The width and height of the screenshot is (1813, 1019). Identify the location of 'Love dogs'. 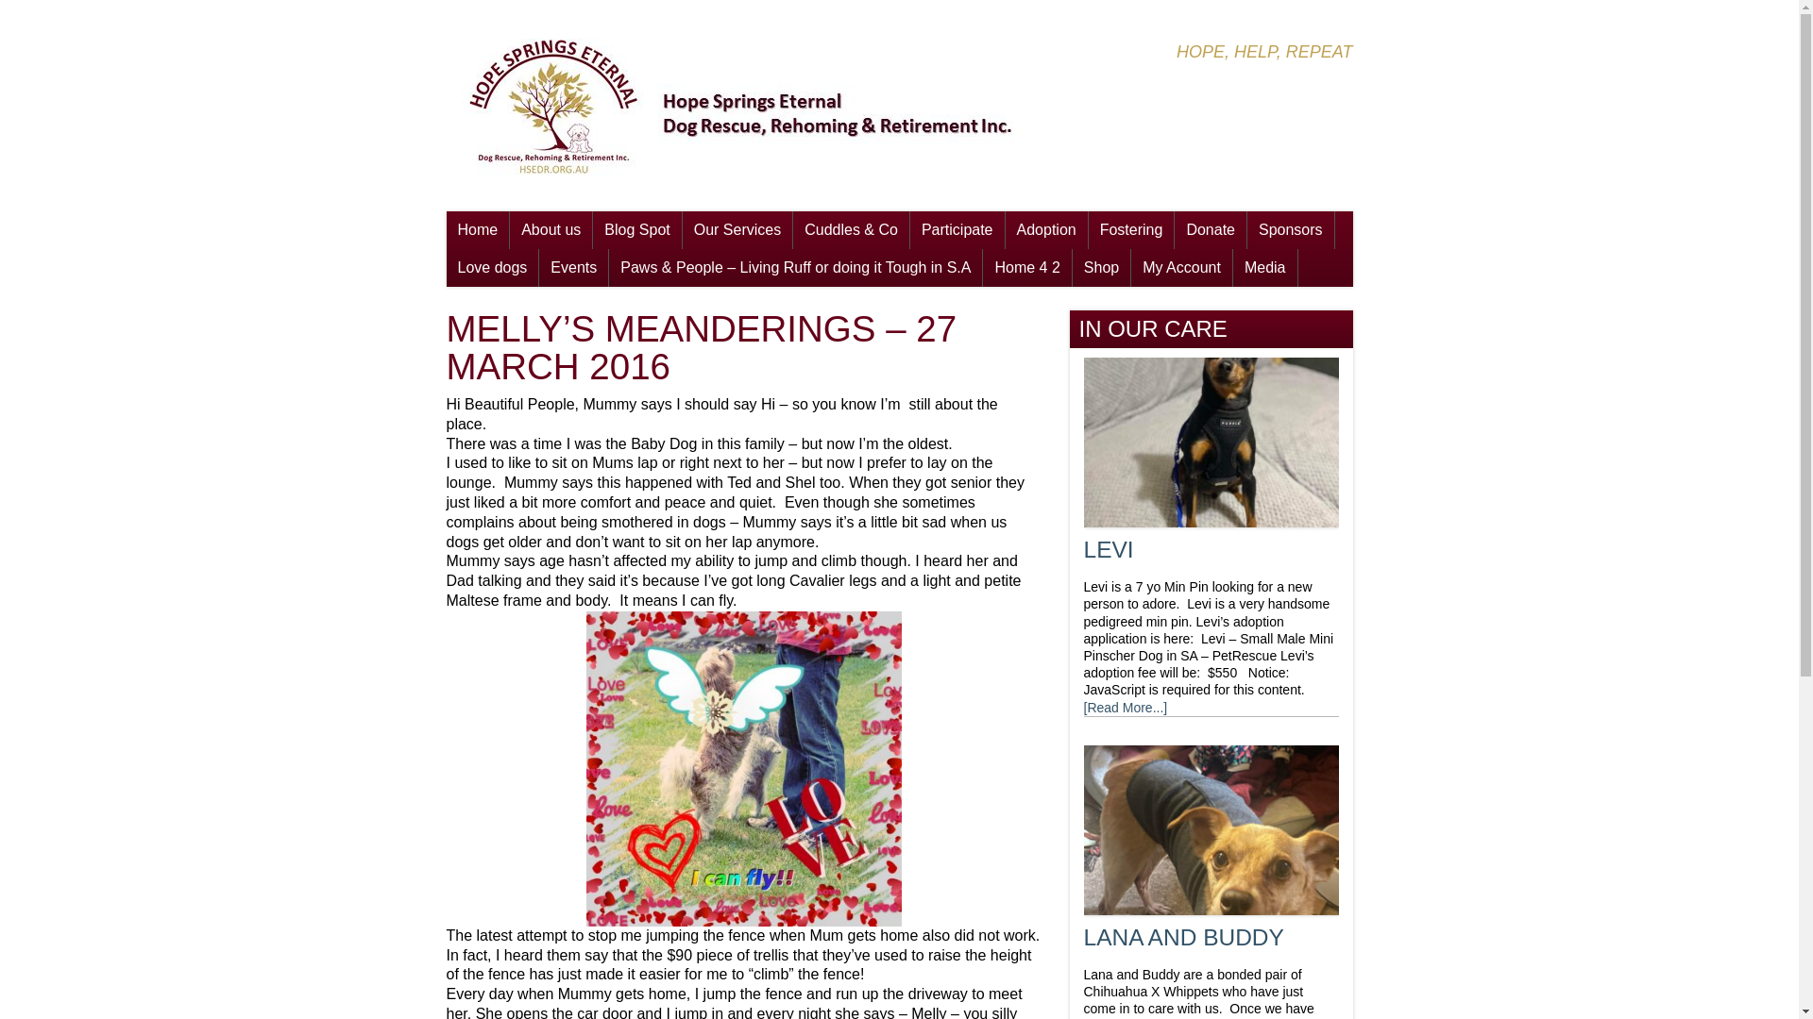
(492, 268).